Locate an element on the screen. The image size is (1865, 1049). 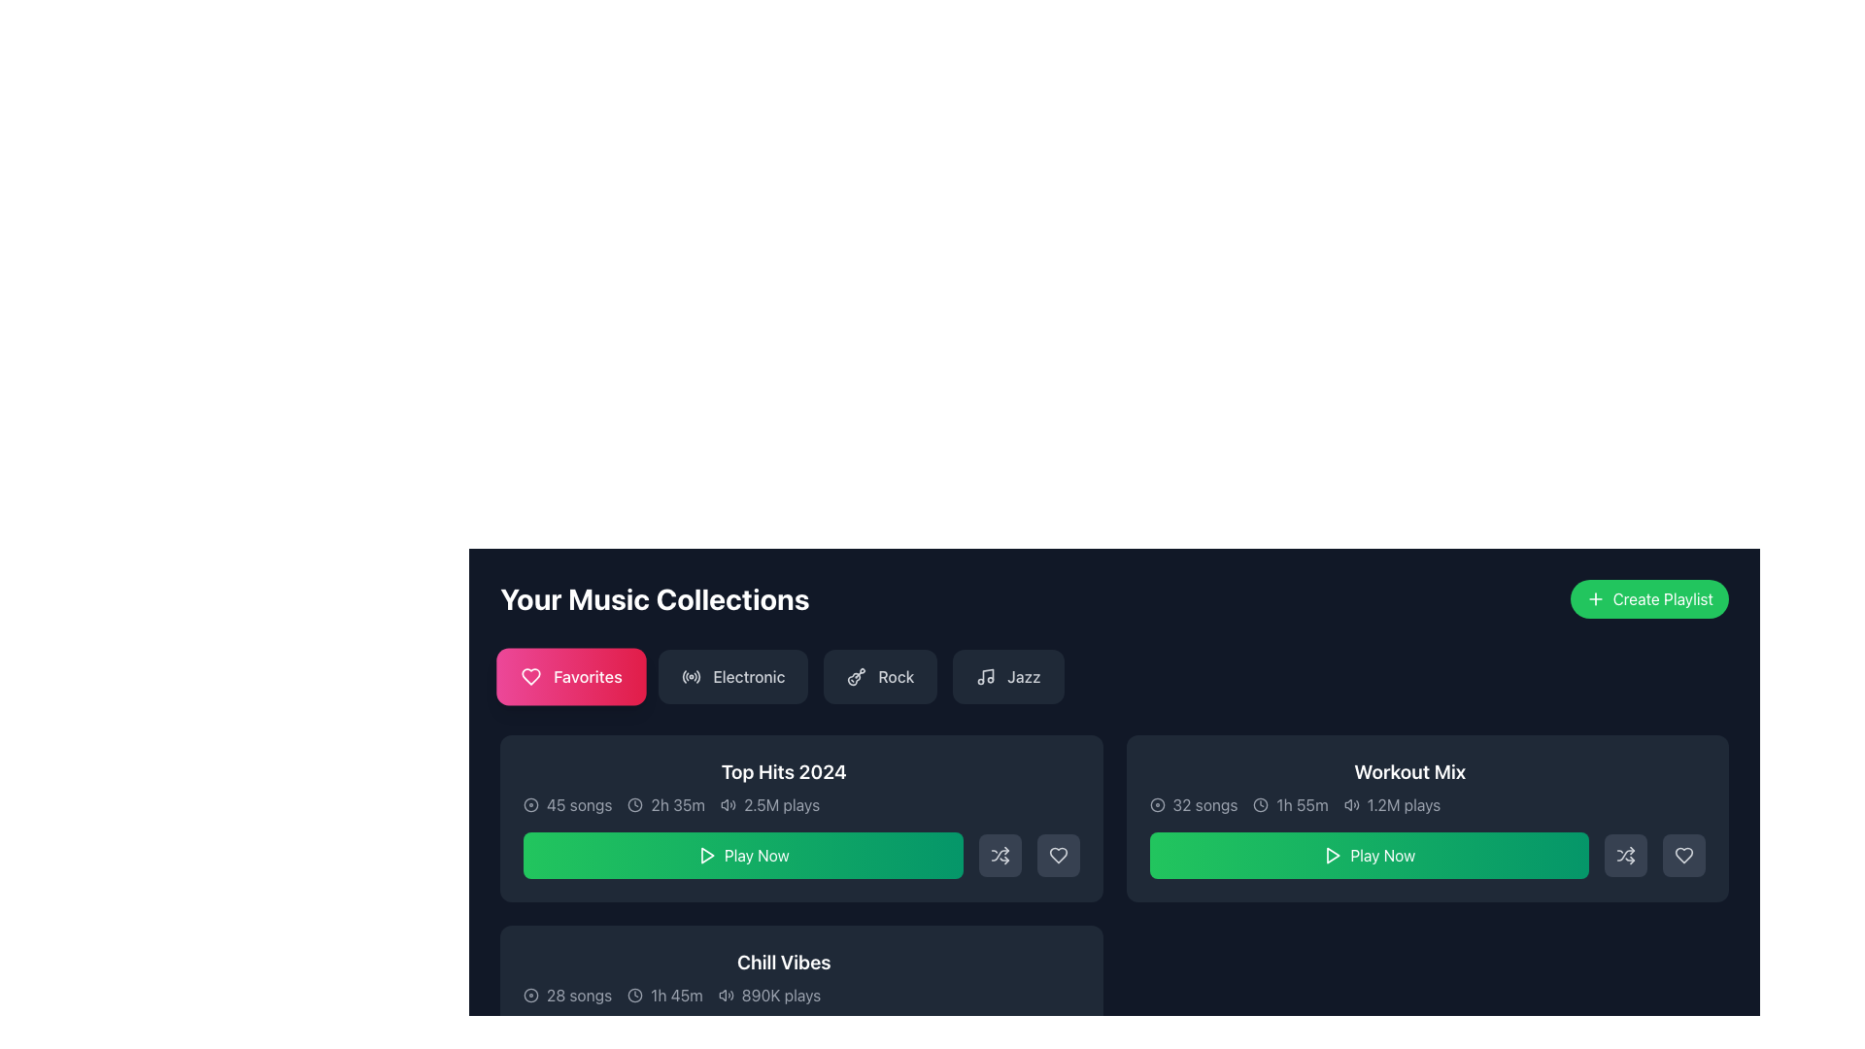
the circular SVG element in the Workout Mix card, which is located to the left of the playlist details is located at coordinates (1157, 805).